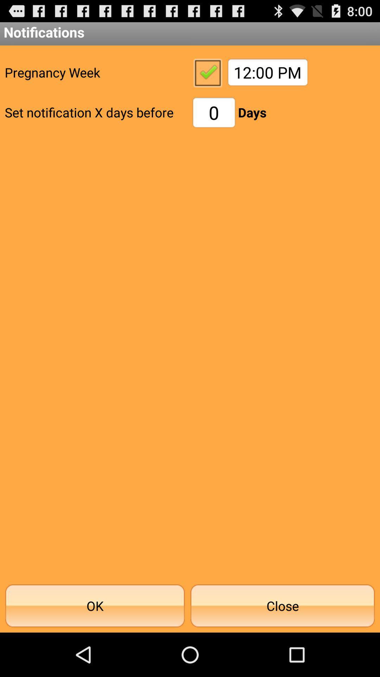 The width and height of the screenshot is (380, 677). I want to click on ok, so click(207, 72).